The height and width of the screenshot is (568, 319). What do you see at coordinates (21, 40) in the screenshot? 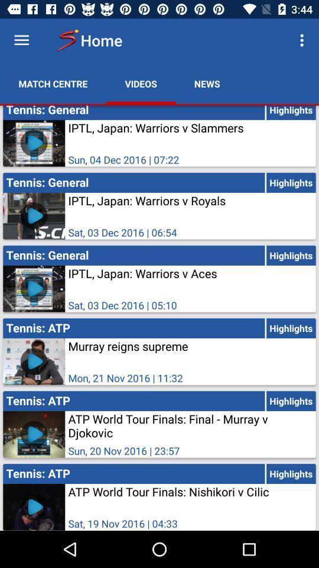
I see `search for` at bounding box center [21, 40].